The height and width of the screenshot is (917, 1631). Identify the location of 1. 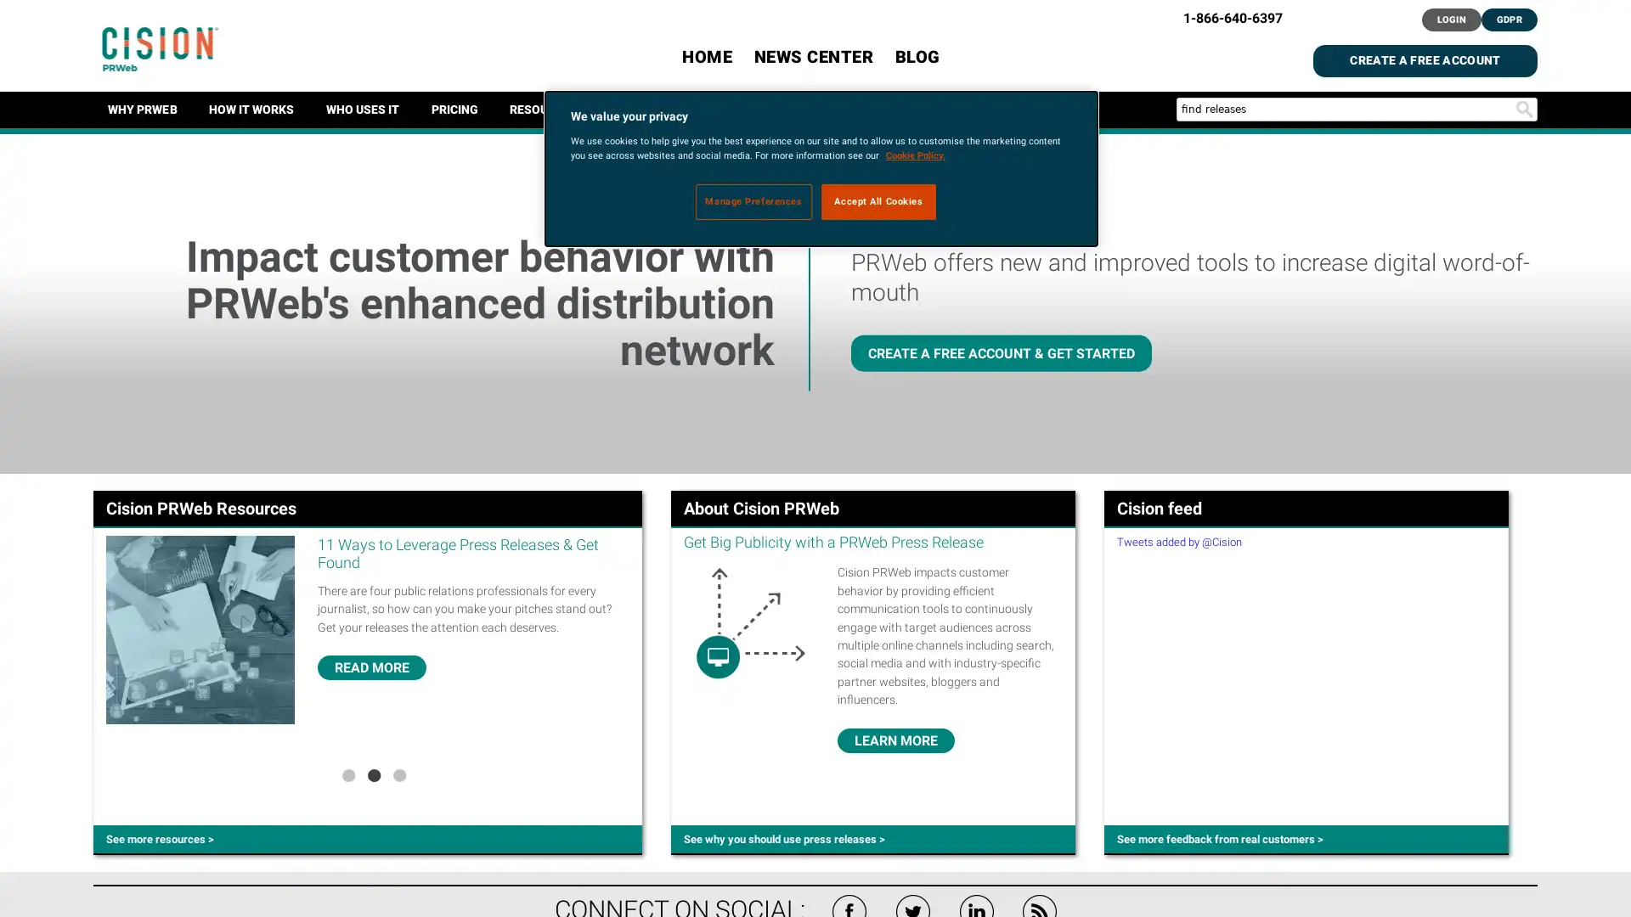
(347, 774).